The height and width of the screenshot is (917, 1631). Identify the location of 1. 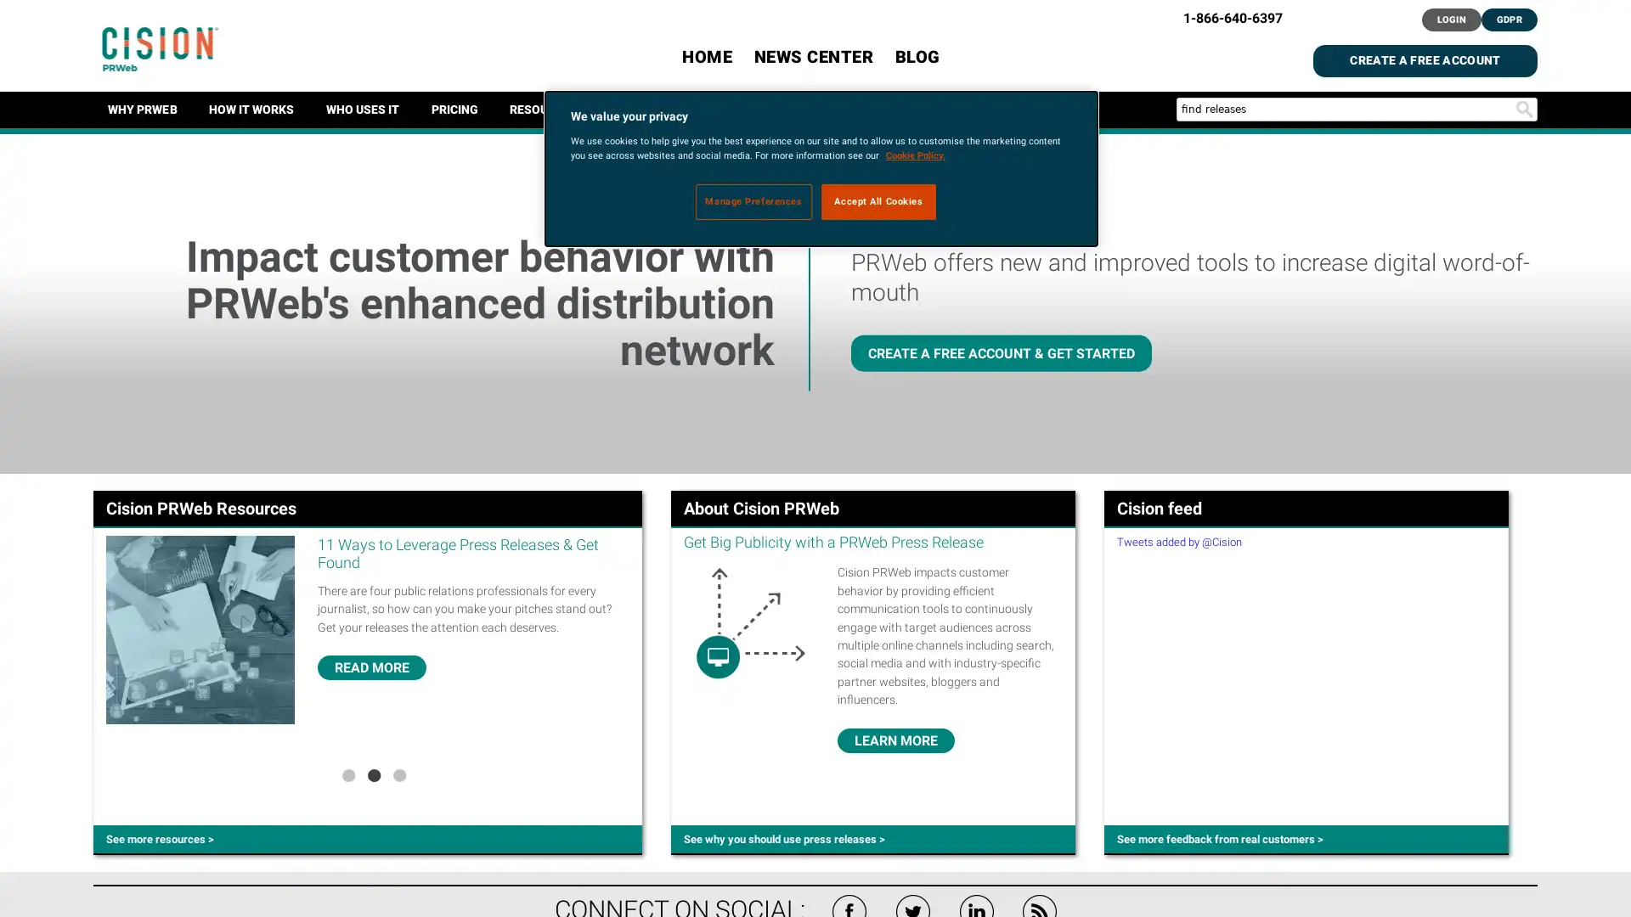
(347, 774).